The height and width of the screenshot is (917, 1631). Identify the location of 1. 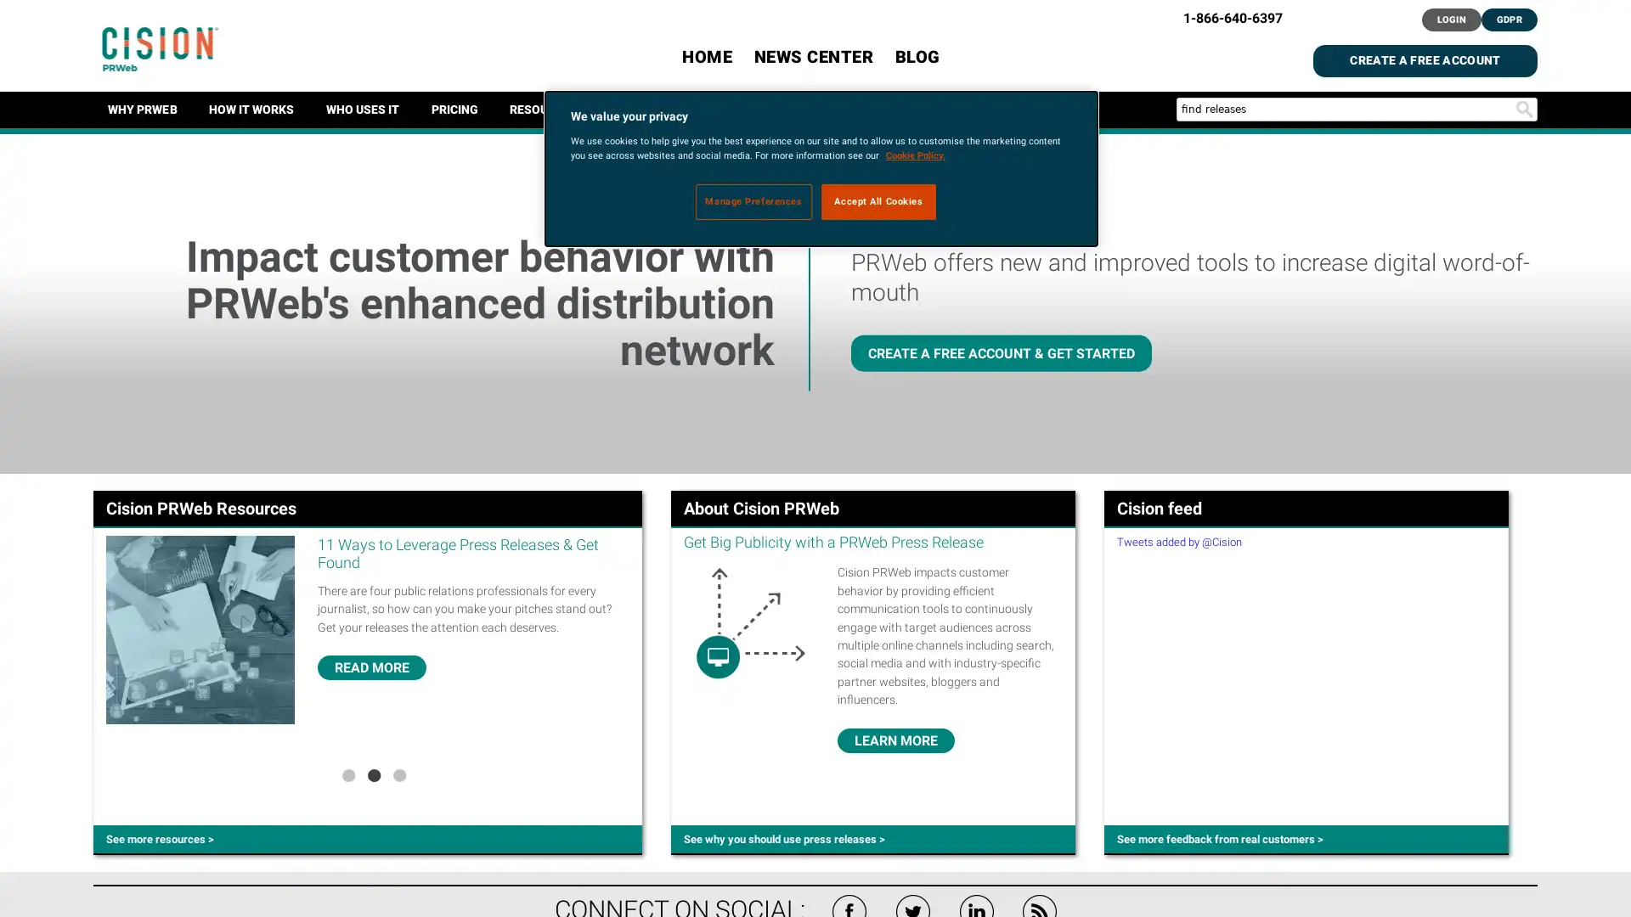
(347, 774).